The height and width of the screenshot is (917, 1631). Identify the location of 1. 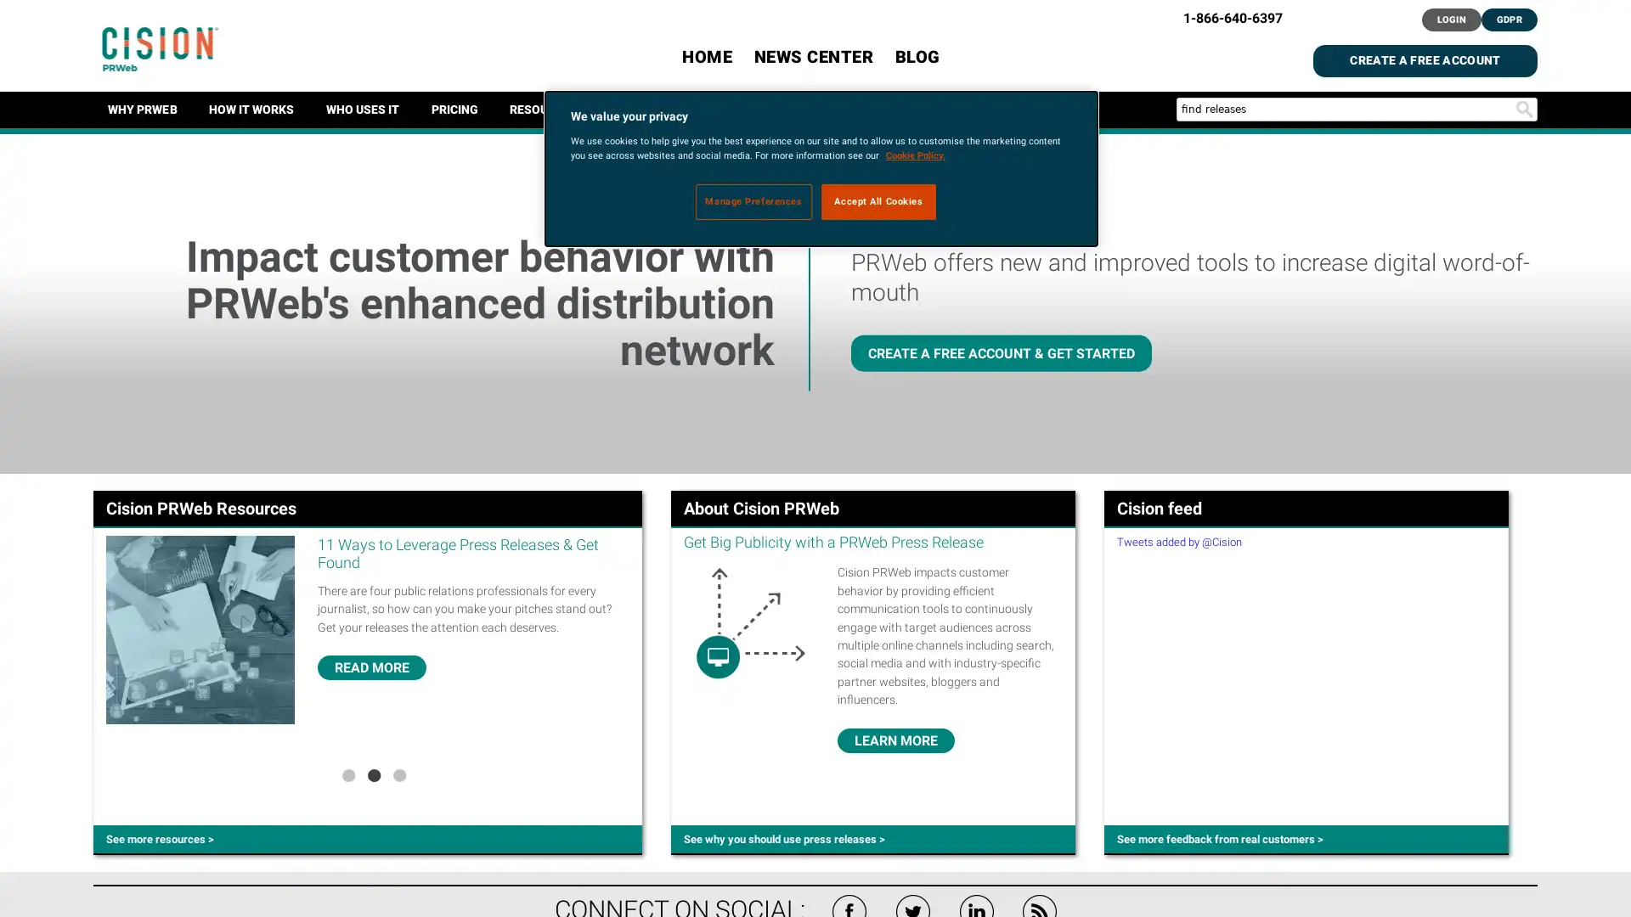
(347, 774).